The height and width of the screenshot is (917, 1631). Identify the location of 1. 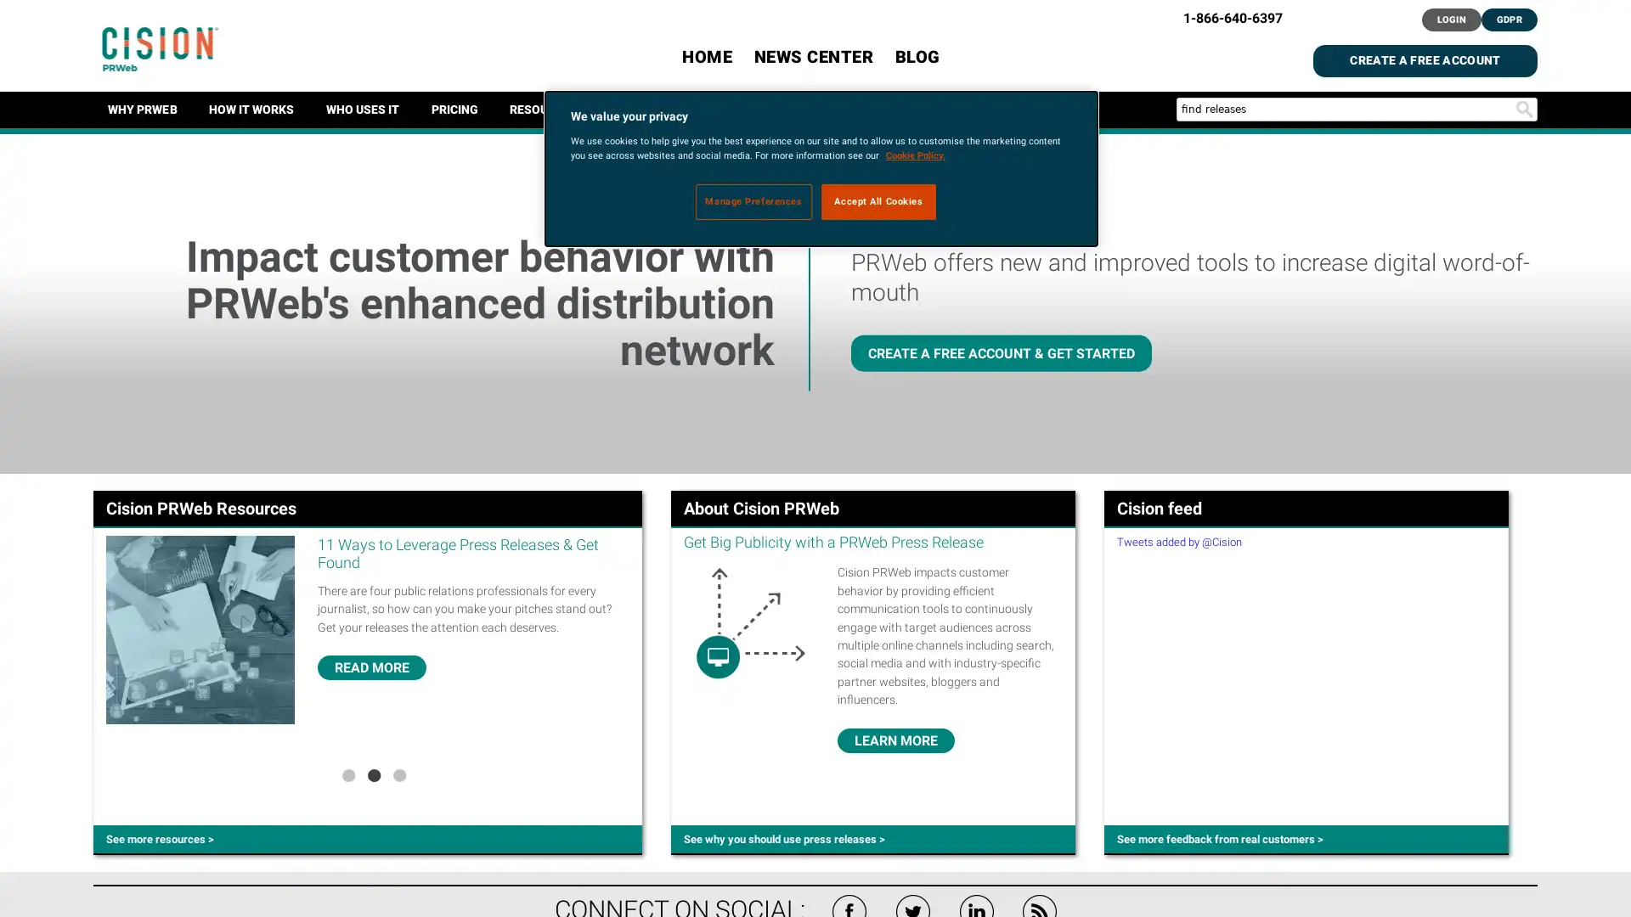
(347, 774).